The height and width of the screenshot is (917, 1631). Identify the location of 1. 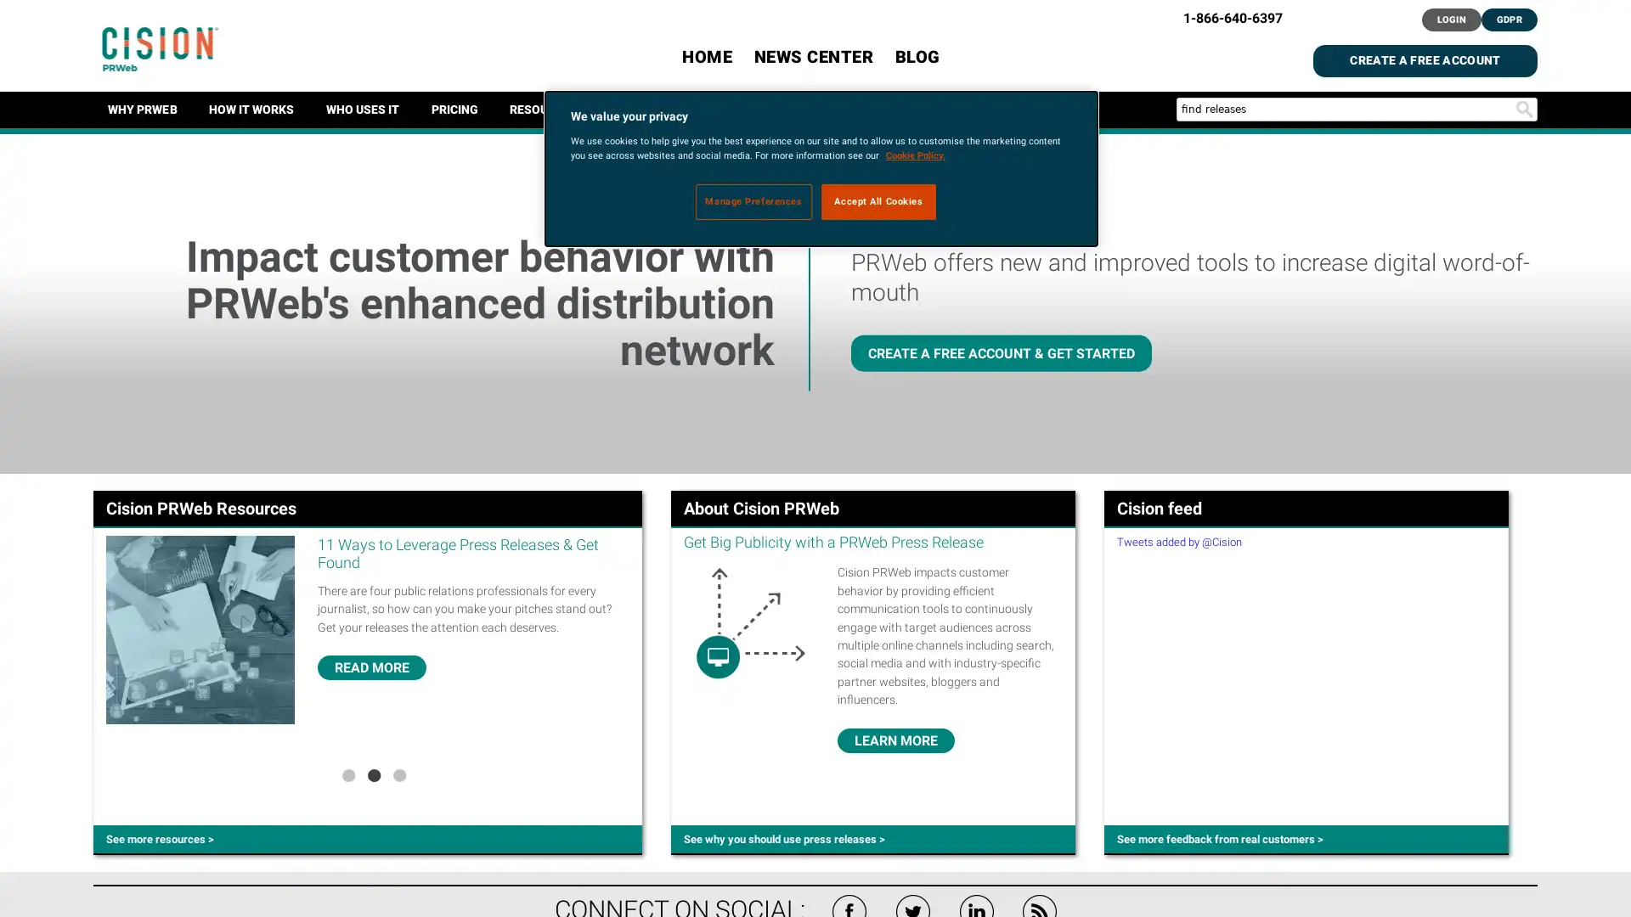
(347, 774).